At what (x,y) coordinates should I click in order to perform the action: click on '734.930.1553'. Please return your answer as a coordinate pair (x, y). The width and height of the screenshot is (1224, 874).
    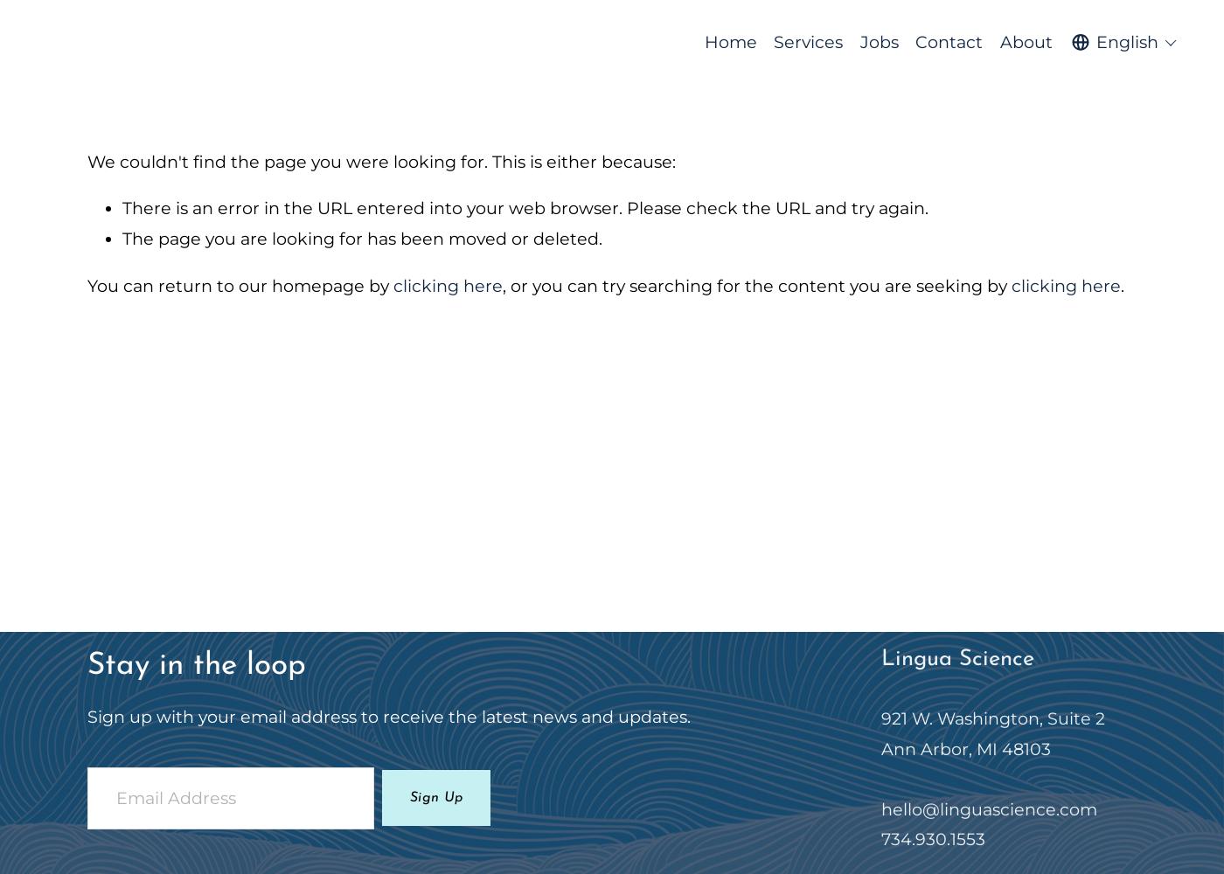
    Looking at the image, I should click on (935, 838).